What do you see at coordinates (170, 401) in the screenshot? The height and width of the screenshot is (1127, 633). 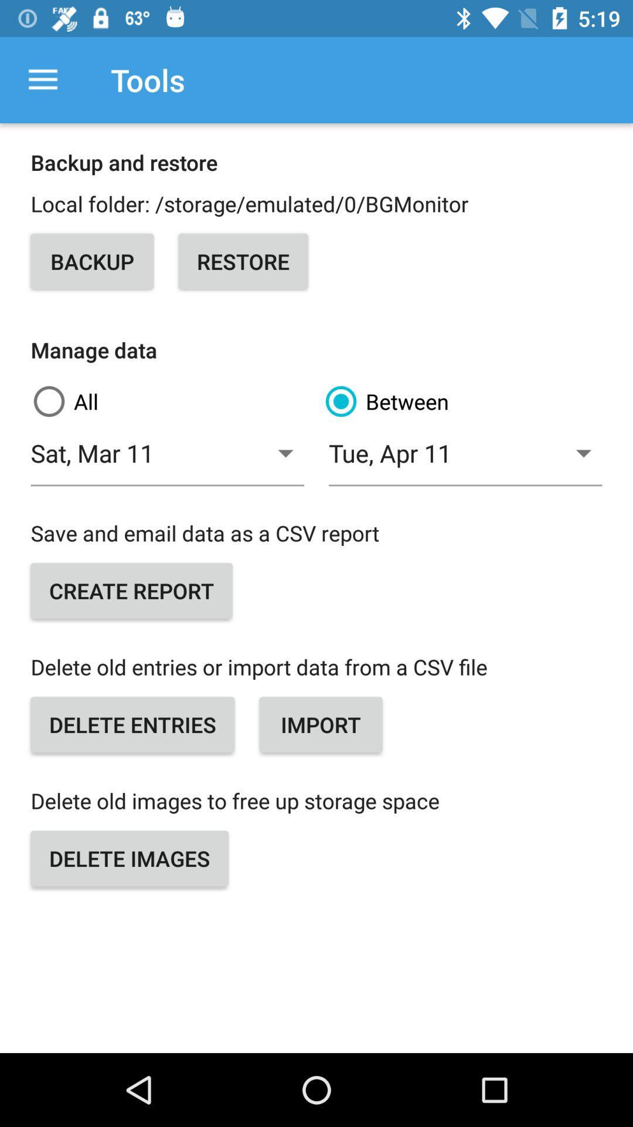 I see `the icon above the sat, mar 11` at bounding box center [170, 401].